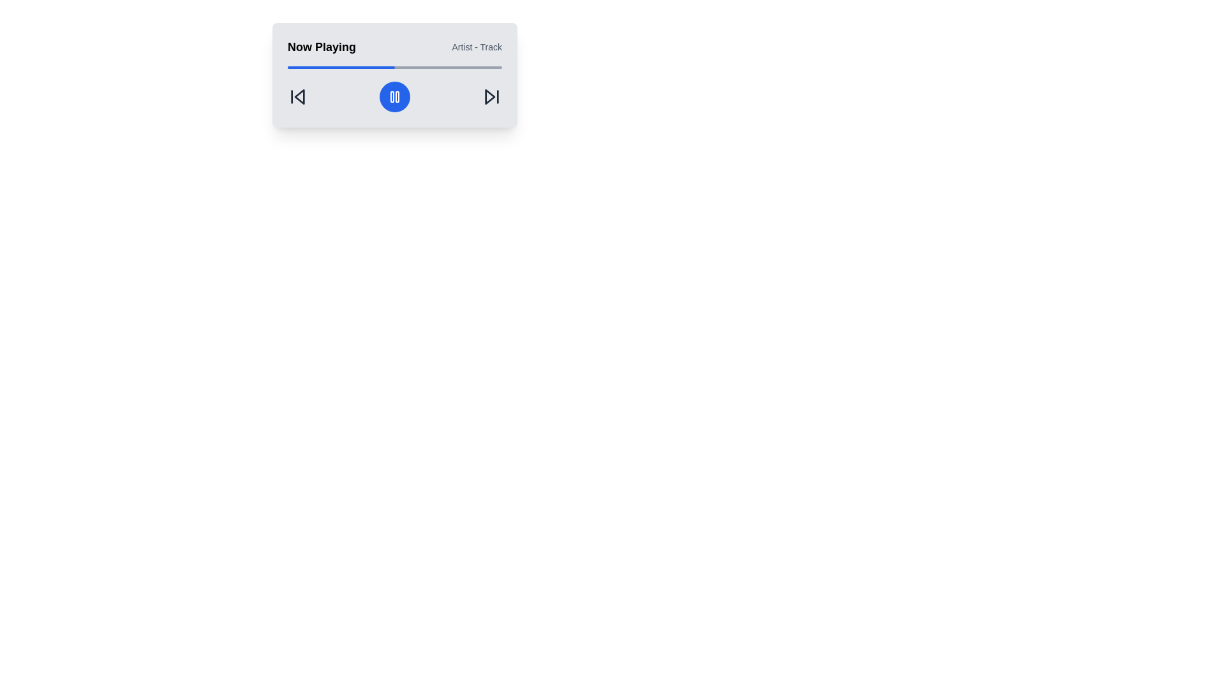 The height and width of the screenshot is (689, 1225). What do you see at coordinates (341, 67) in the screenshot?
I see `the blue progress bar segment located in the upper portion of the interface, which represents a filled portion of the gray bar` at bounding box center [341, 67].